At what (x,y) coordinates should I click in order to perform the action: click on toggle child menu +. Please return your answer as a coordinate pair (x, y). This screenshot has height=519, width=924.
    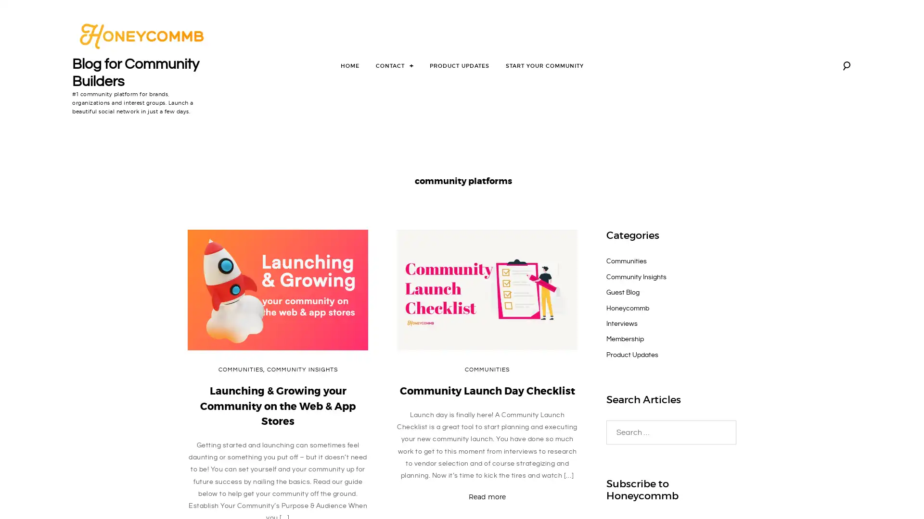
    Looking at the image, I should click on (411, 65).